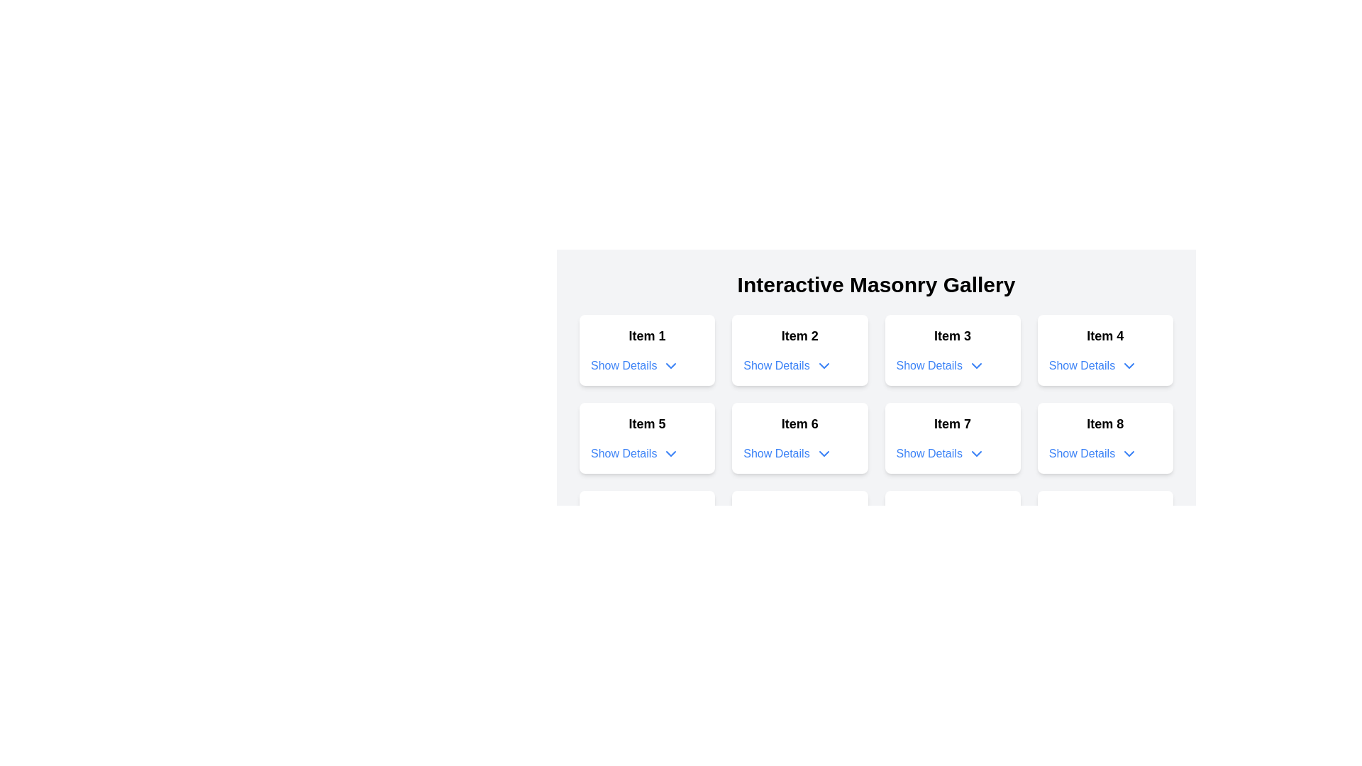 This screenshot has height=766, width=1362. Describe the element at coordinates (670, 454) in the screenshot. I see `the chevron icon located to the right of the 'Show Details' text in the 'Item 5' section` at that location.